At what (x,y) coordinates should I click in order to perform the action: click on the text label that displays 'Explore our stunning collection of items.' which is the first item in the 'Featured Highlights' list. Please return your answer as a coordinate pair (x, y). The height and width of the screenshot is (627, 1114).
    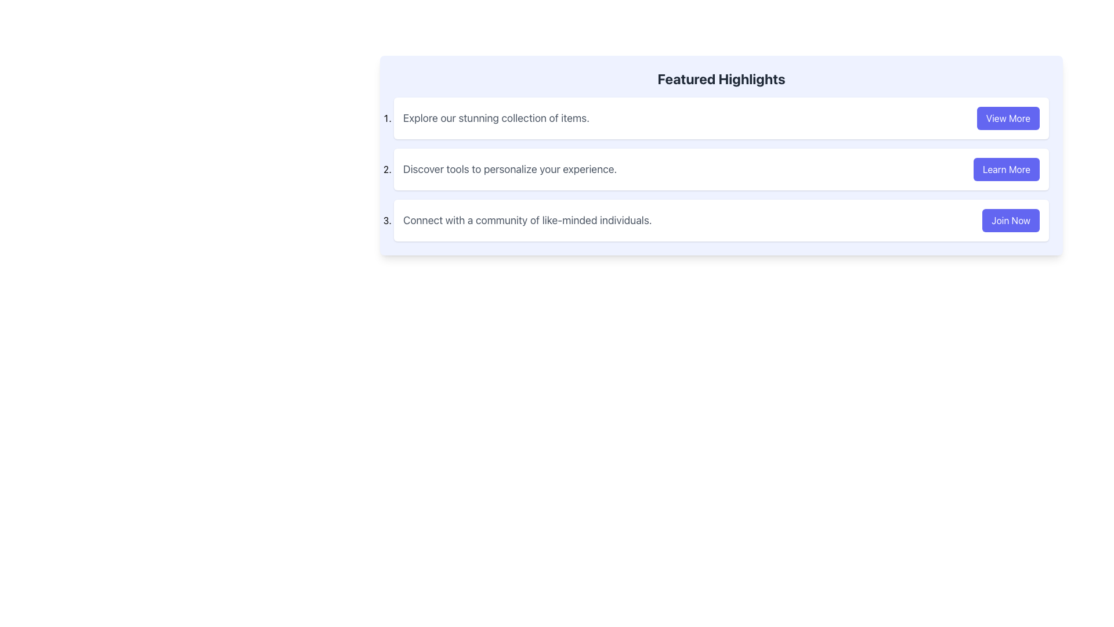
    Looking at the image, I should click on (496, 118).